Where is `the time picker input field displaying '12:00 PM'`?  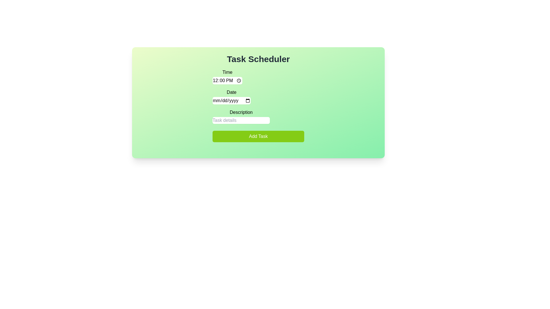
the time picker input field displaying '12:00 PM' is located at coordinates (227, 80).